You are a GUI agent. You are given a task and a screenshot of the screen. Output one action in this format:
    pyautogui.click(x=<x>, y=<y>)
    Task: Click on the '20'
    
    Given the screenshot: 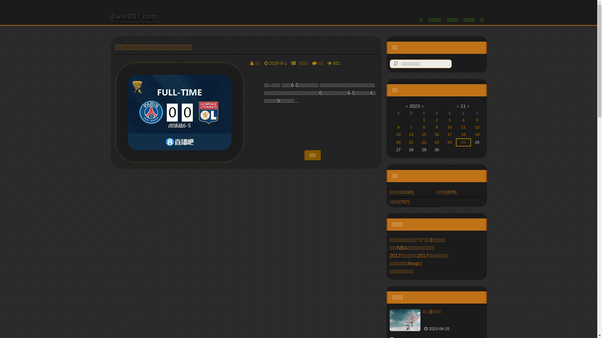 What is the action you would take?
    pyautogui.click(x=398, y=142)
    